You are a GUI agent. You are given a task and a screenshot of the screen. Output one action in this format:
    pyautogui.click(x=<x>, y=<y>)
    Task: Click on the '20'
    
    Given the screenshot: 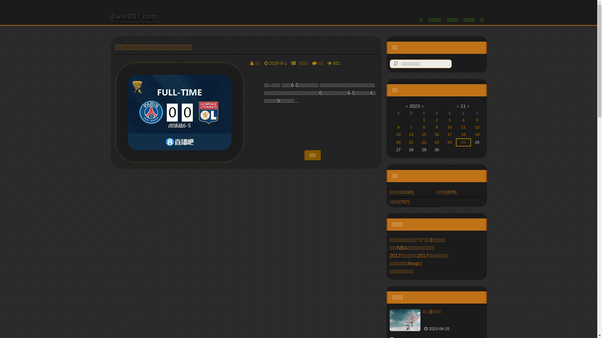 What is the action you would take?
    pyautogui.click(x=398, y=142)
    